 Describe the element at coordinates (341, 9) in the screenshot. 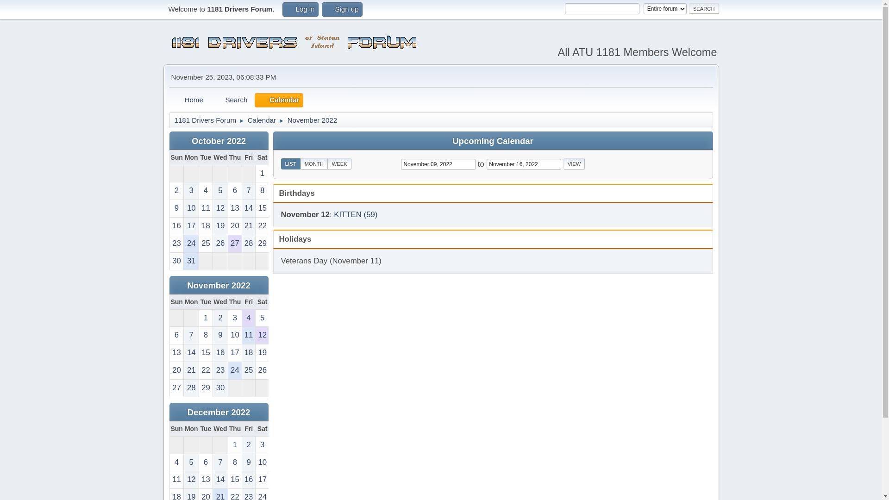

I see `'Sign up'` at that location.